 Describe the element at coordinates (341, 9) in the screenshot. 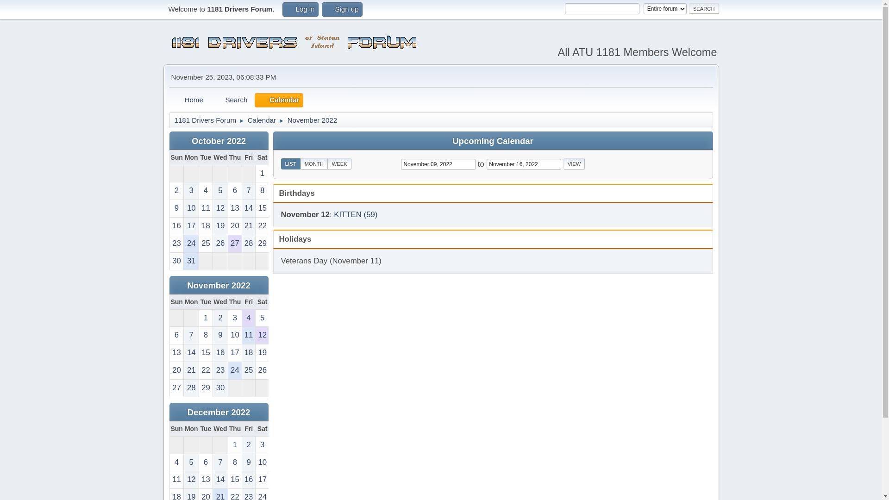

I see `'Sign up'` at that location.